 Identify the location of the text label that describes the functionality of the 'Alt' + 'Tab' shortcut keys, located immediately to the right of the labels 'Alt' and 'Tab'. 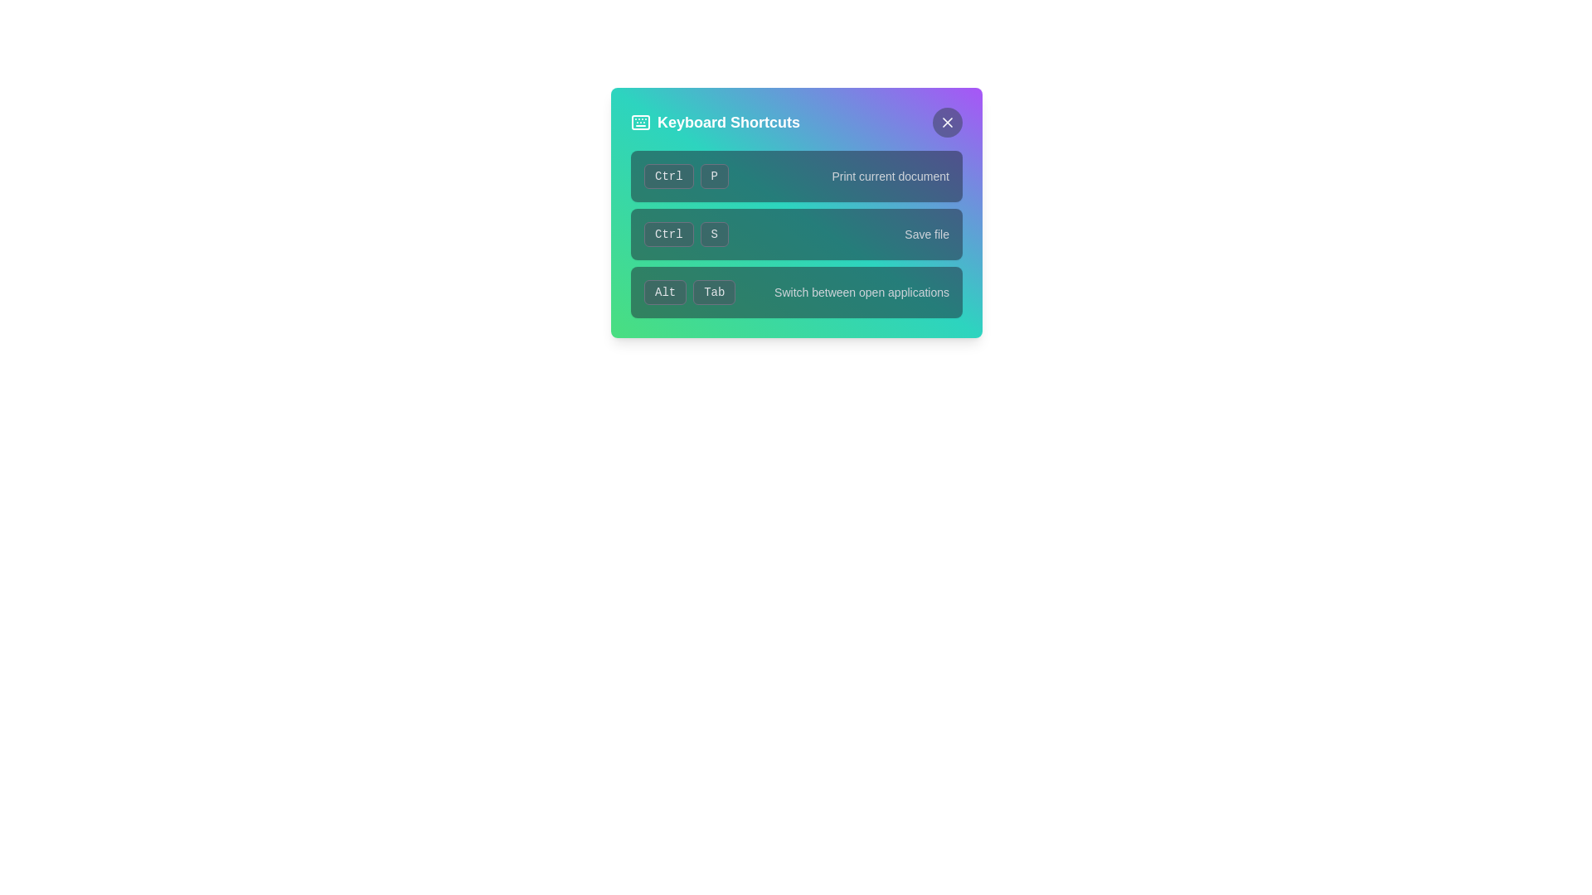
(862, 292).